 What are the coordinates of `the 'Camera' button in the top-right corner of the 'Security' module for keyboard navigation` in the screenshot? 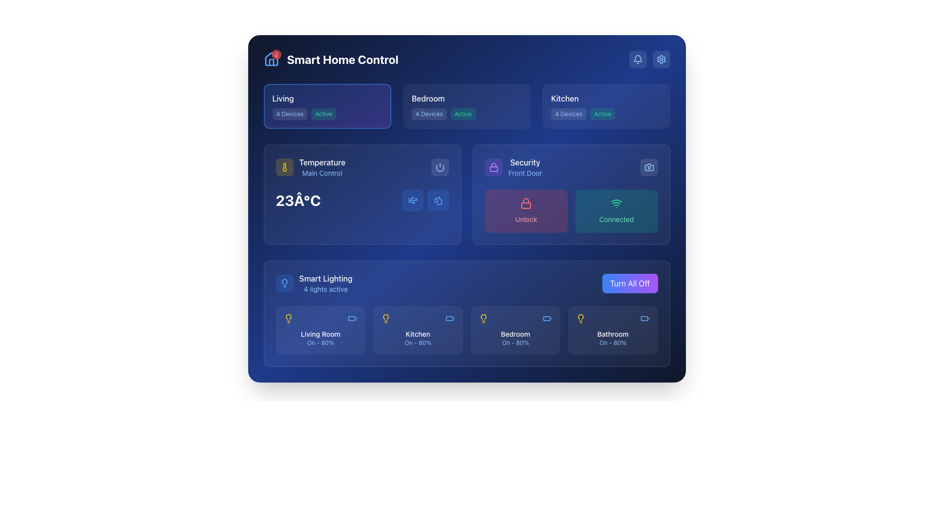 It's located at (649, 167).